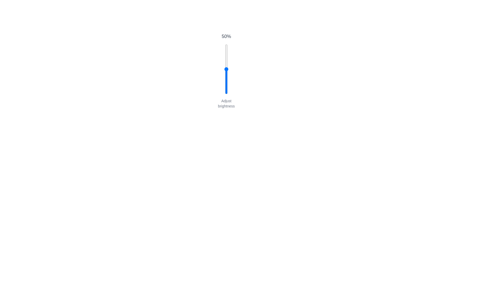 The height and width of the screenshot is (281, 499). Describe the element at coordinates (226, 48) in the screenshot. I see `brightness` at that location.